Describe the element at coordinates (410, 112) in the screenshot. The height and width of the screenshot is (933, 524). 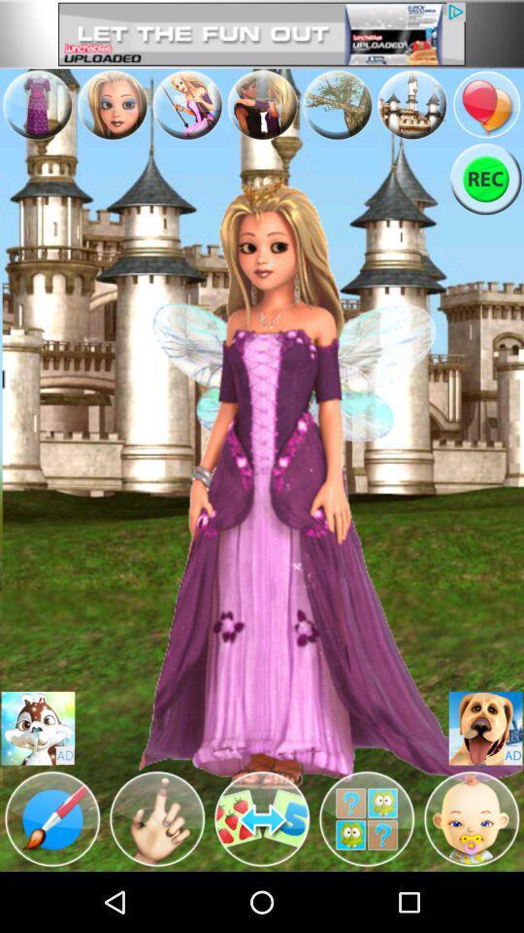
I see `the avatar icon` at that location.